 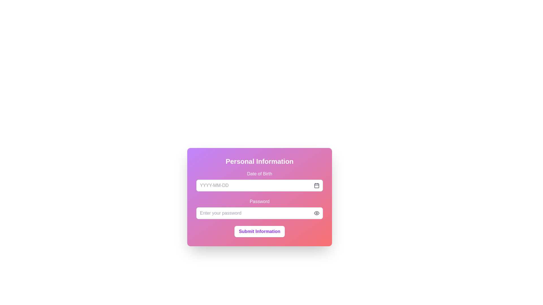 I want to click on the submit button located at the bottom of the form, which is centered horizontally beneath the password input field, to observe its hover effects, so click(x=259, y=232).